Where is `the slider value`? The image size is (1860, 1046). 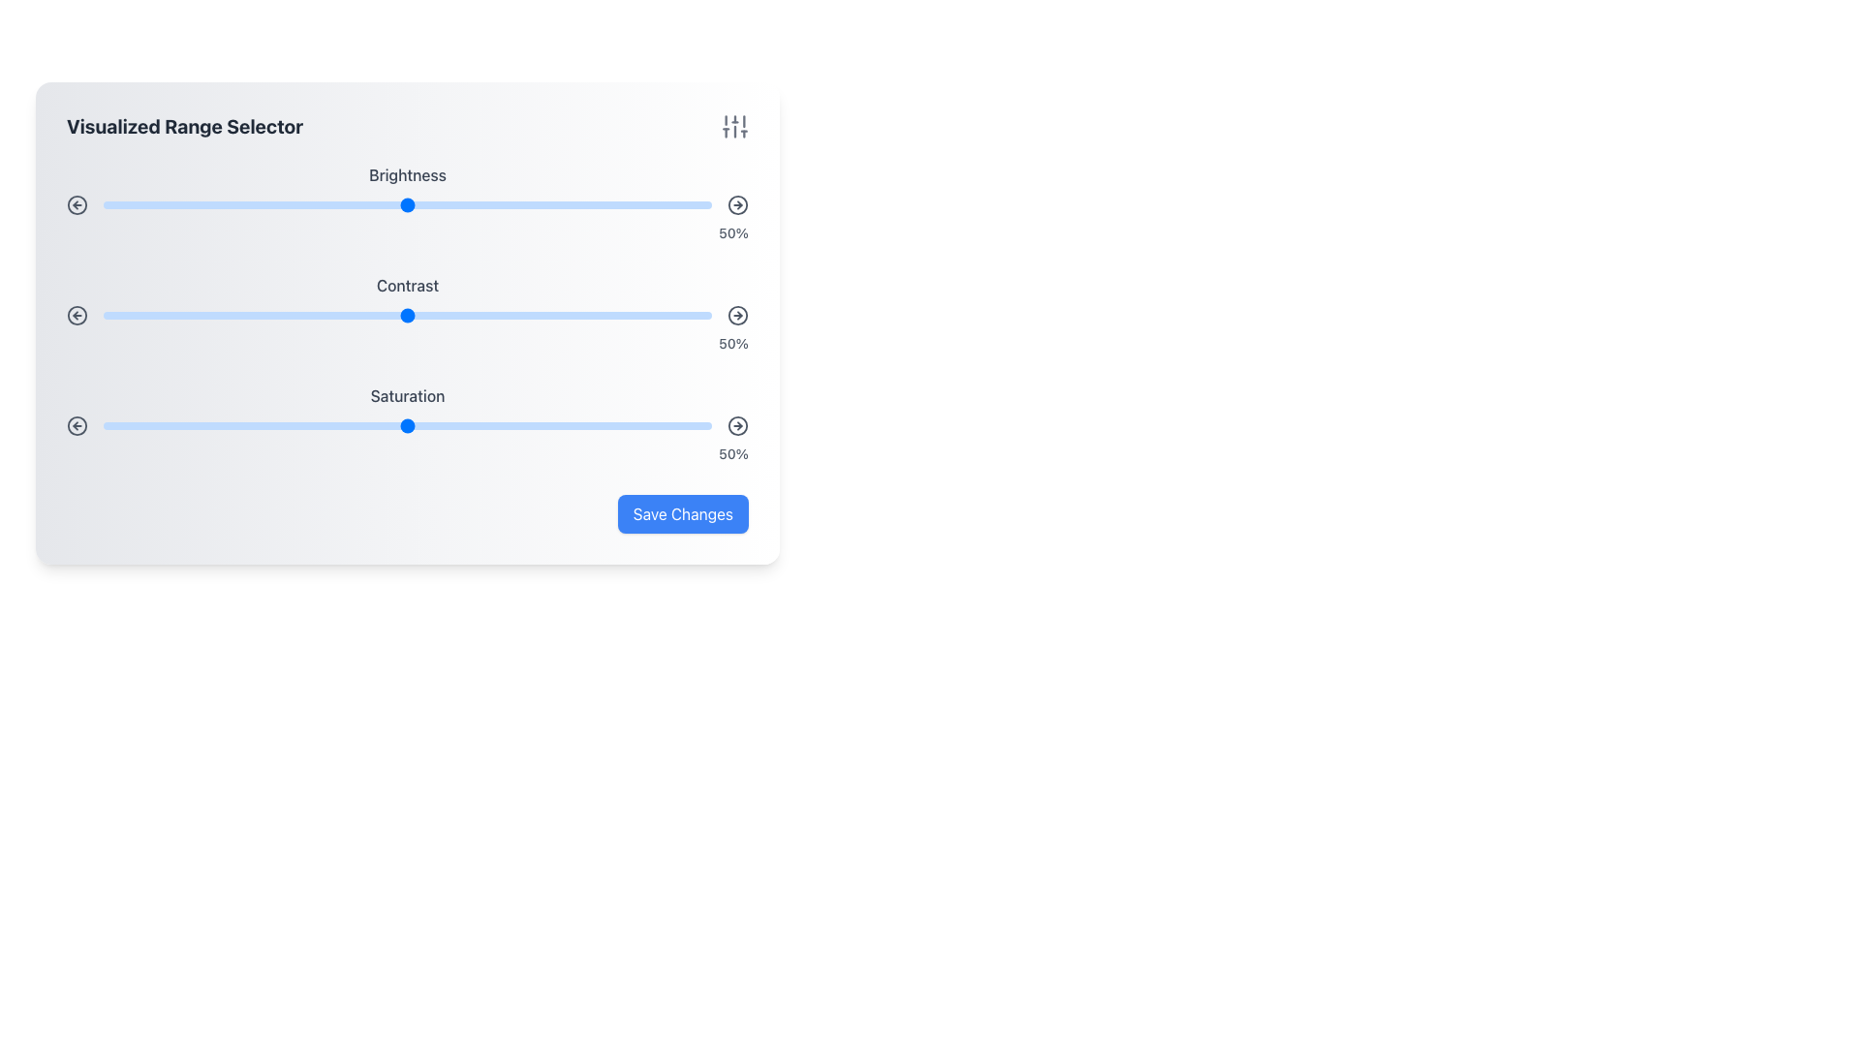
the slider value is located at coordinates (627, 424).